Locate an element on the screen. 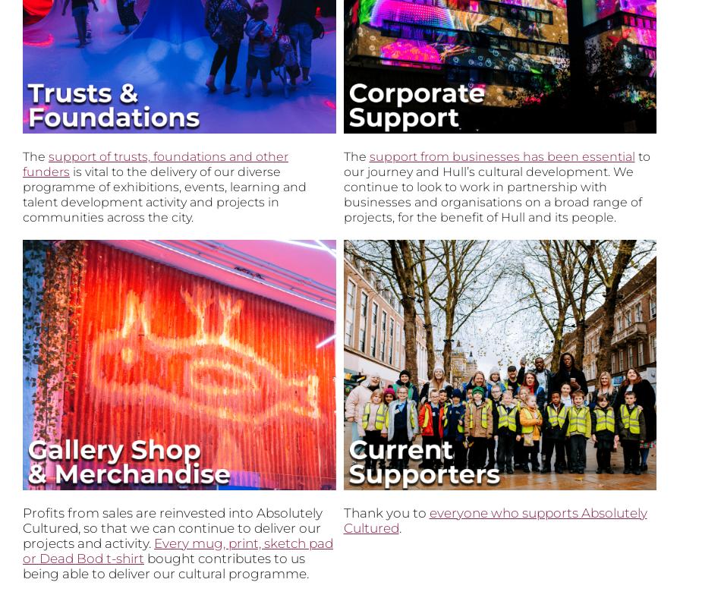 The image size is (721, 595). 'Thank you to' is located at coordinates (342, 512).